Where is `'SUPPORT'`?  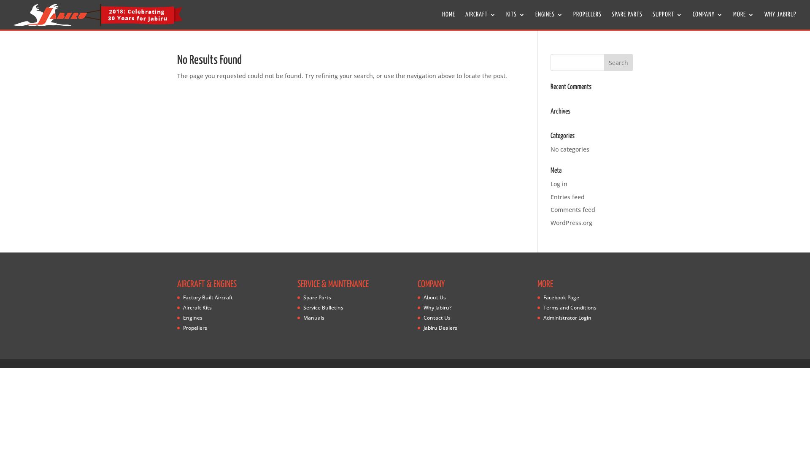 'SUPPORT' is located at coordinates (667, 20).